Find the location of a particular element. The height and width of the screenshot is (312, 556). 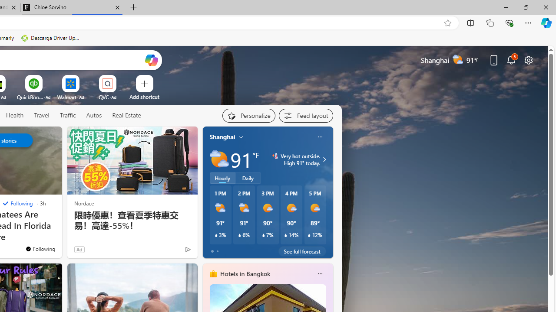

'Hotels in Bangkok' is located at coordinates (244, 273).